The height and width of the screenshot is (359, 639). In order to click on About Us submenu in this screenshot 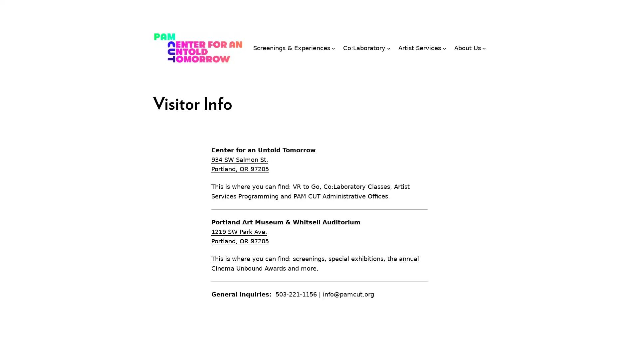, I will do `click(484, 48)`.